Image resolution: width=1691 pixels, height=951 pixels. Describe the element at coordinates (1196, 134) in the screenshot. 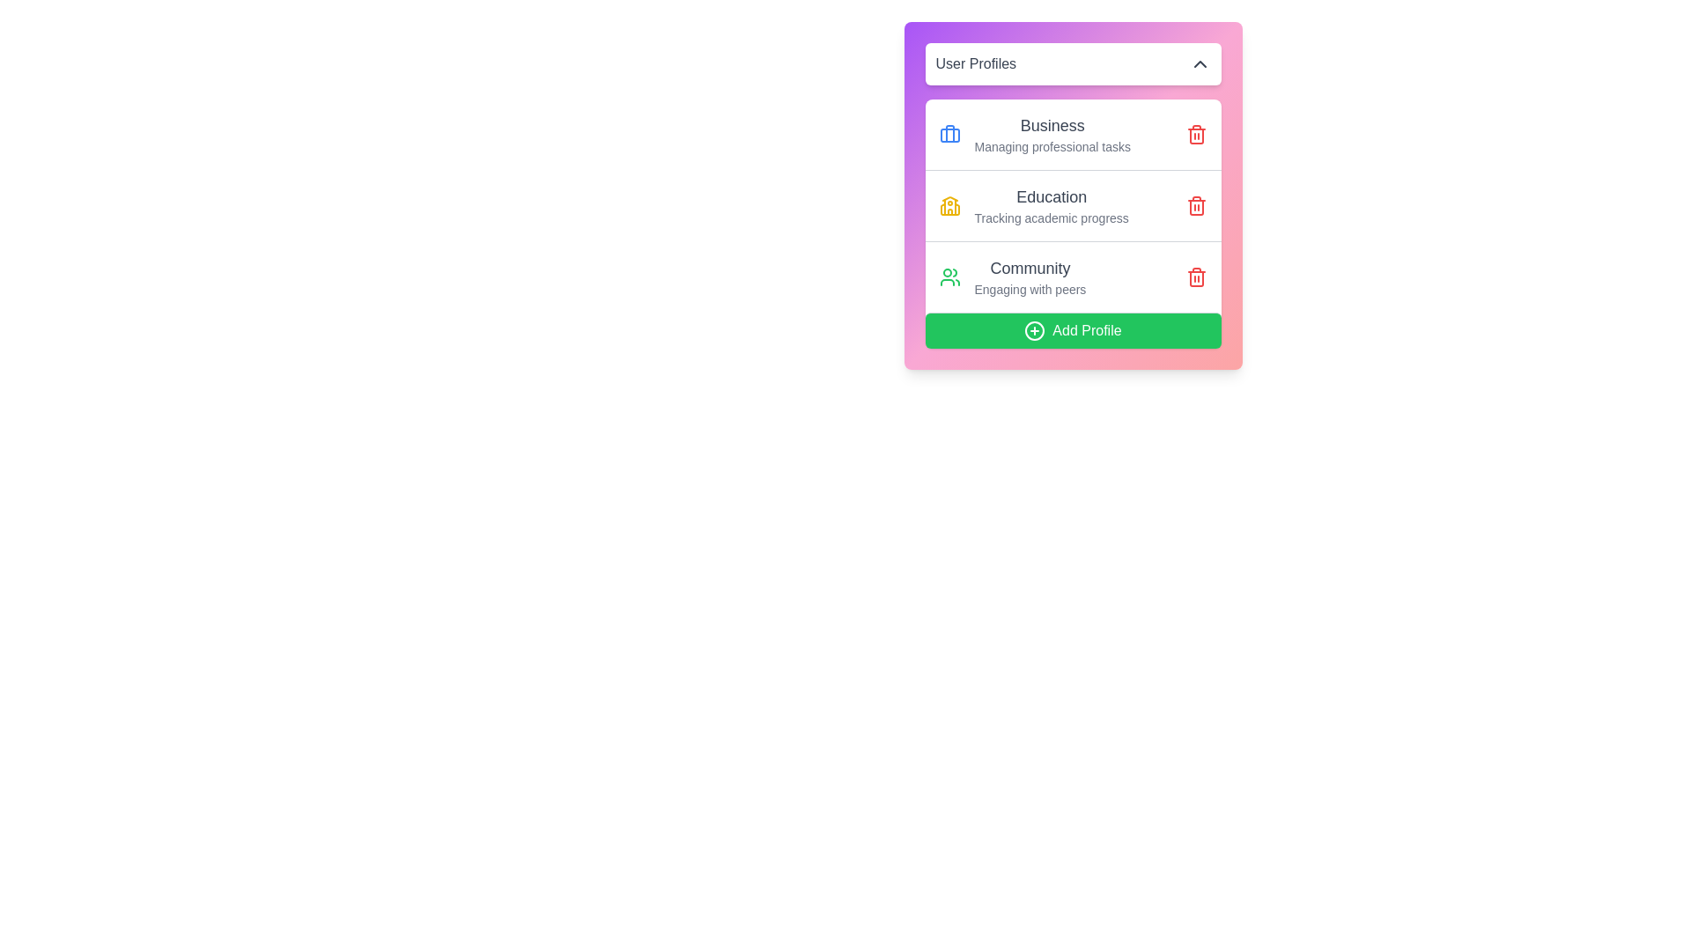

I see `the trash can icon button located on the far right side of the 'Business' entry` at that location.